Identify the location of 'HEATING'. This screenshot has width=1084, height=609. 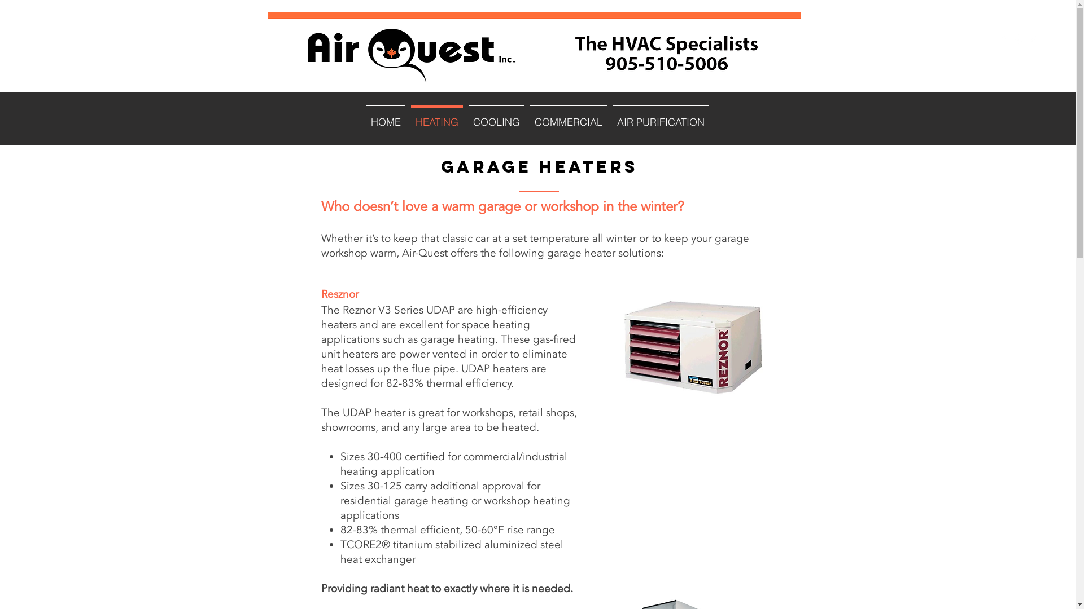
(436, 117).